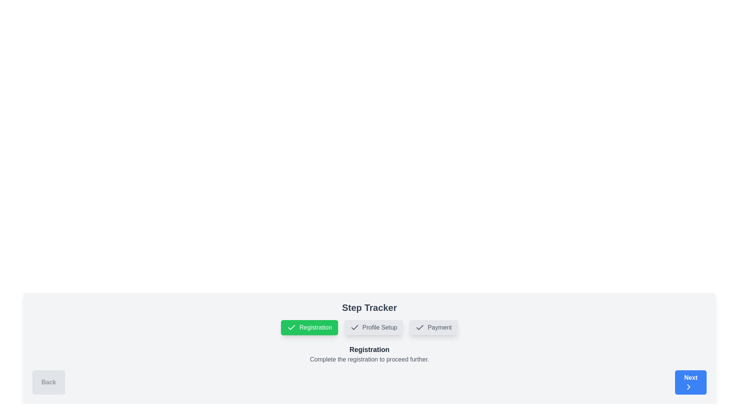 The width and height of the screenshot is (731, 411). I want to click on the green rectangular button labeled 'Registration' with a white checkmark icon, so click(310, 327).